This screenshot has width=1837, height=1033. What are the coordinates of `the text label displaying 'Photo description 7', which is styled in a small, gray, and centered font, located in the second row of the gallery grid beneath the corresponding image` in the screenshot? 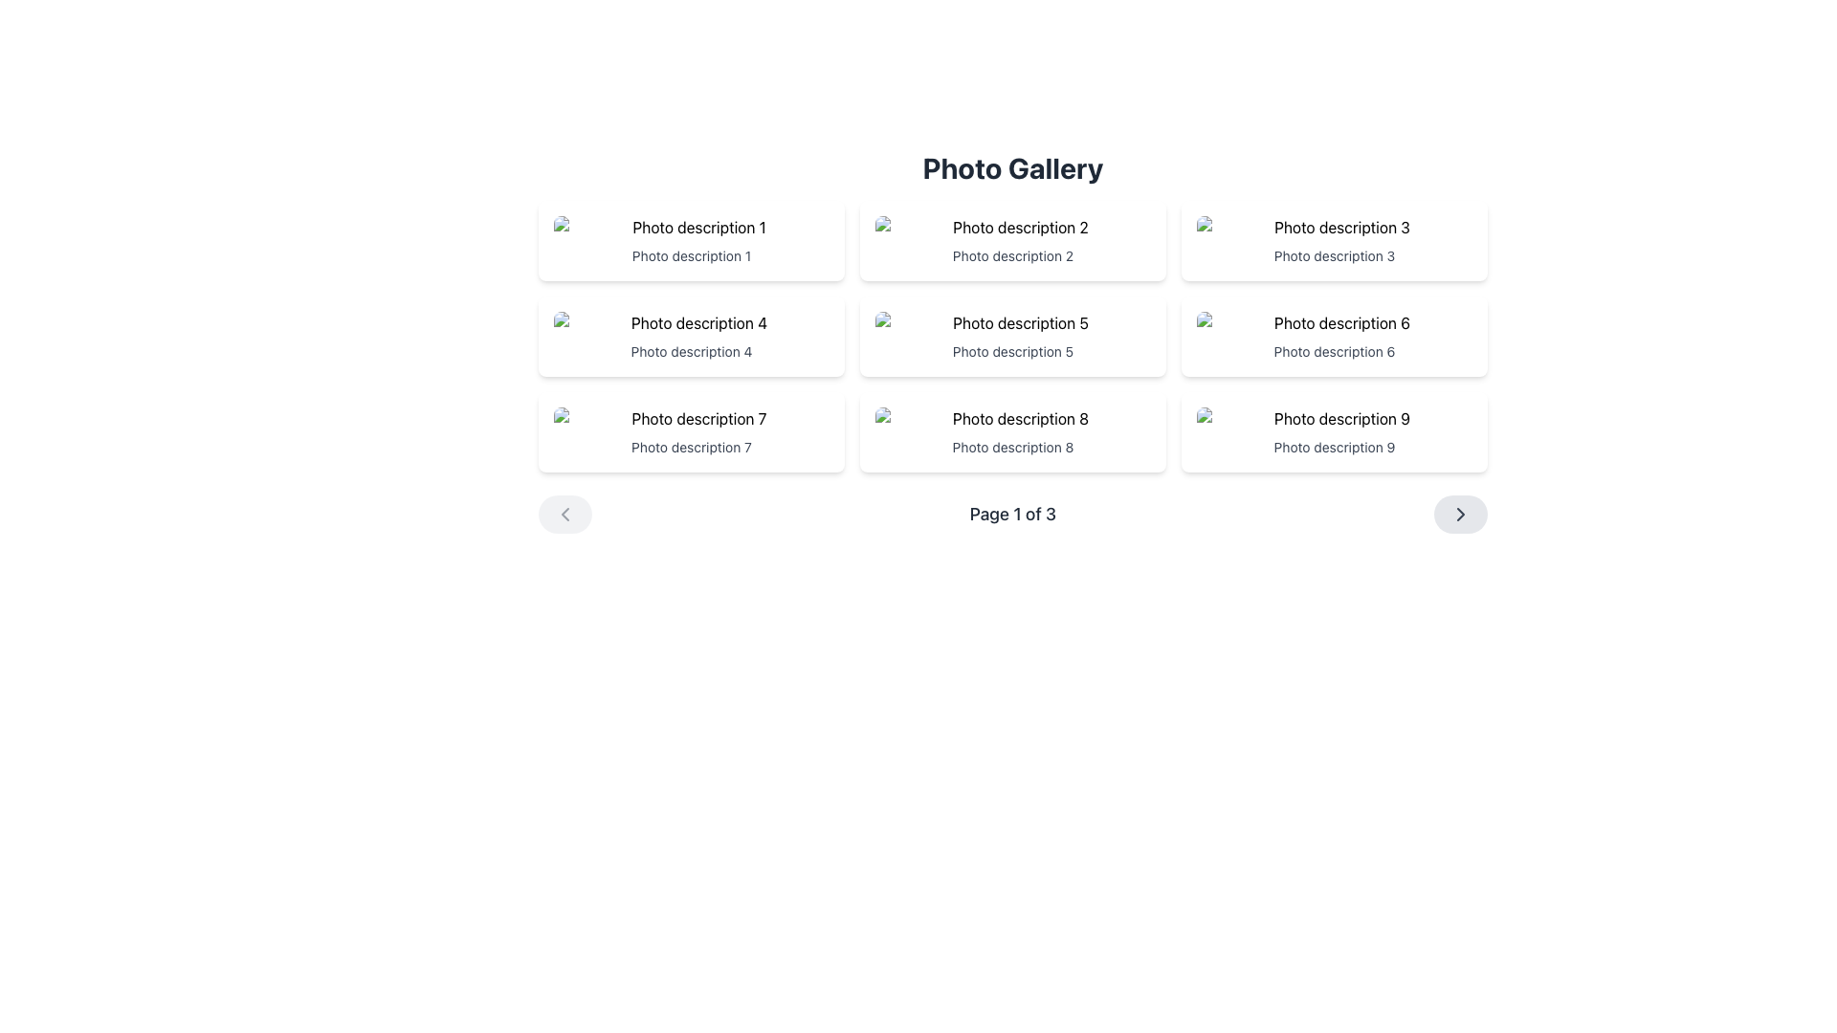 It's located at (691, 447).